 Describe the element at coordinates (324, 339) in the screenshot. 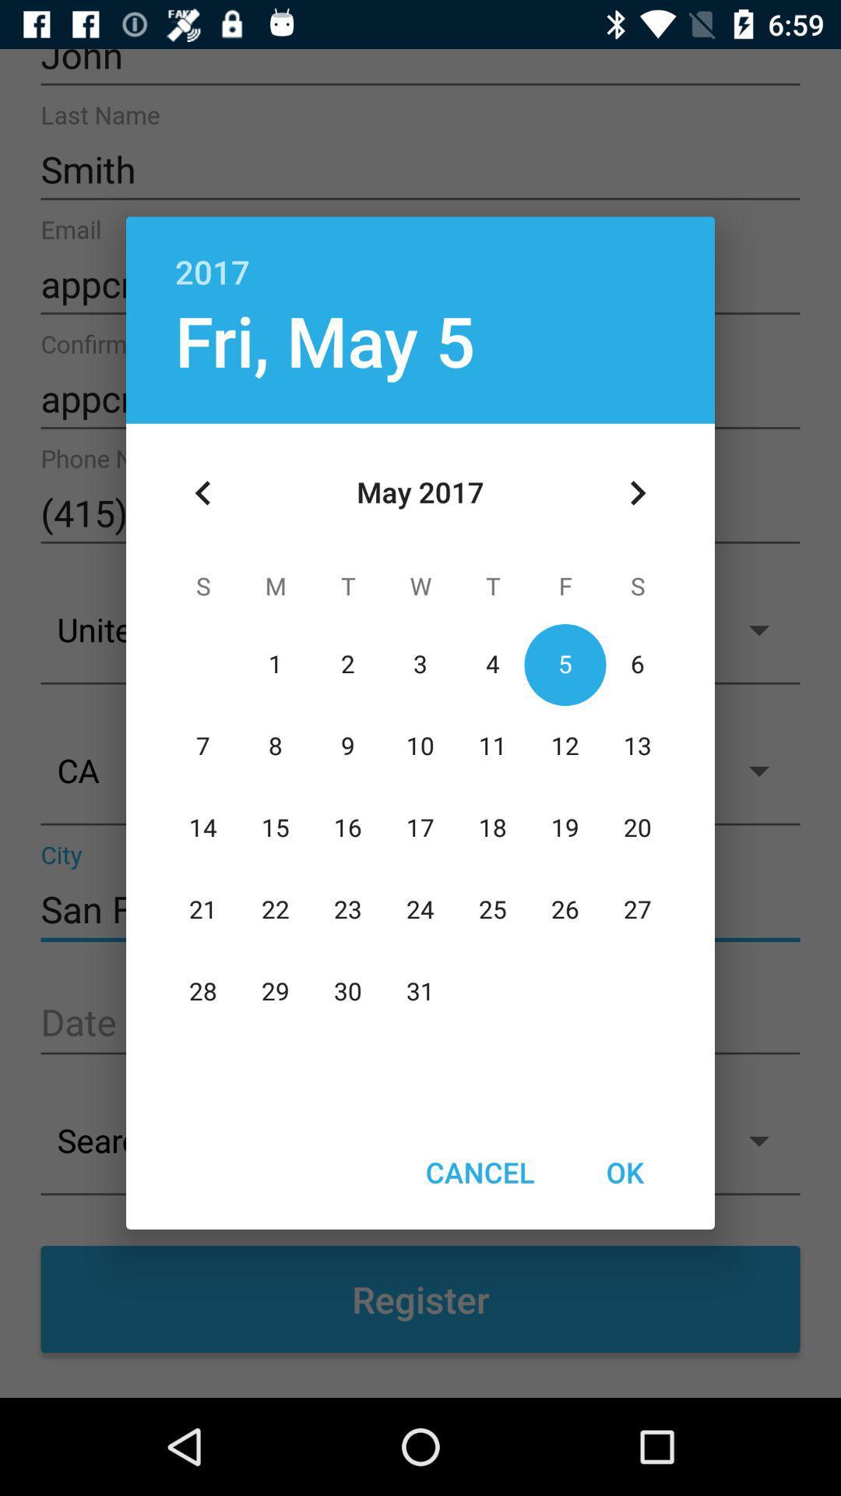

I see `fri, may 5 icon` at that location.